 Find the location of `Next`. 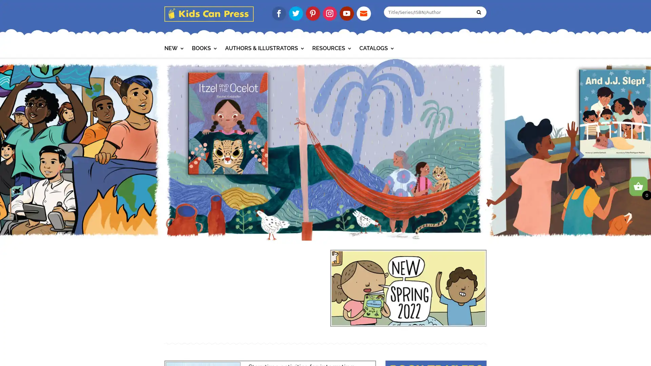

Next is located at coordinates (580, 150).